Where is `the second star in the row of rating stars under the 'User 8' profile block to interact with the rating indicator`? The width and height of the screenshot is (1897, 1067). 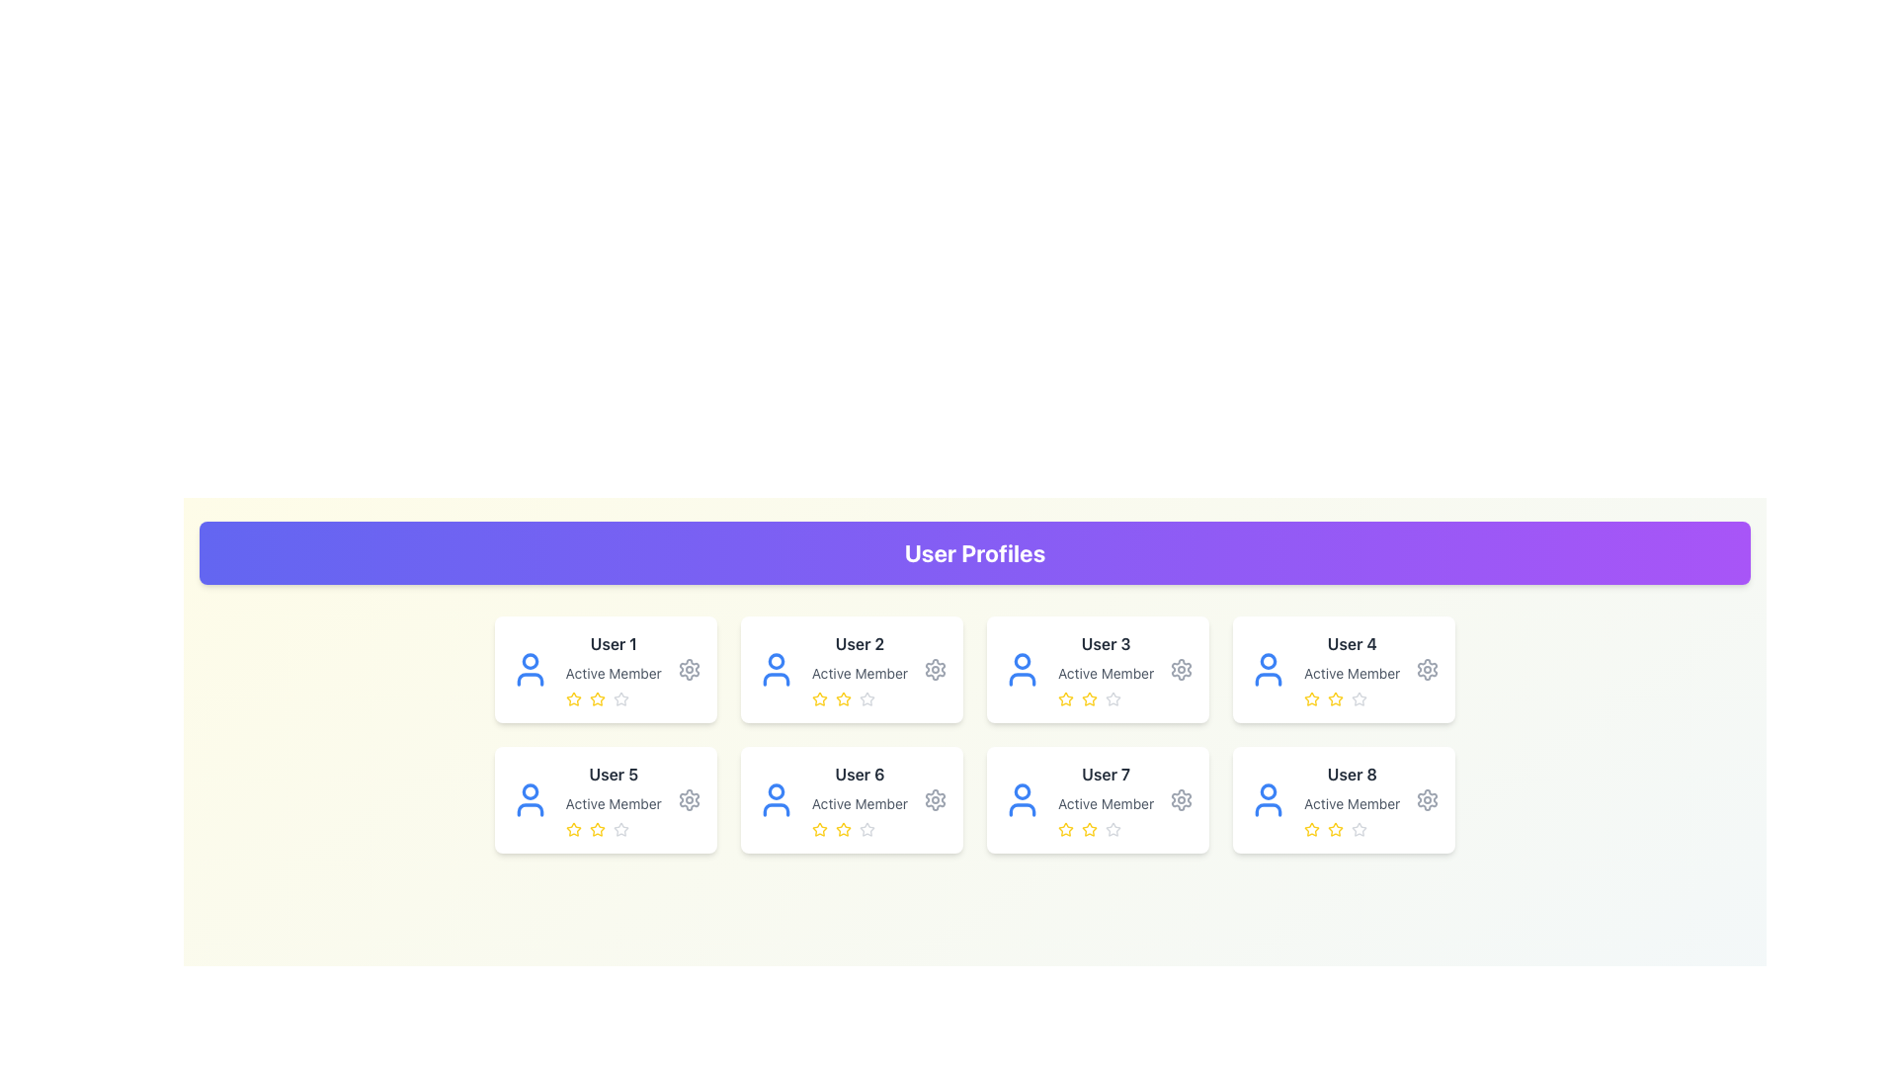 the second star in the row of rating stars under the 'User 8' profile block to interact with the rating indicator is located at coordinates (1336, 829).